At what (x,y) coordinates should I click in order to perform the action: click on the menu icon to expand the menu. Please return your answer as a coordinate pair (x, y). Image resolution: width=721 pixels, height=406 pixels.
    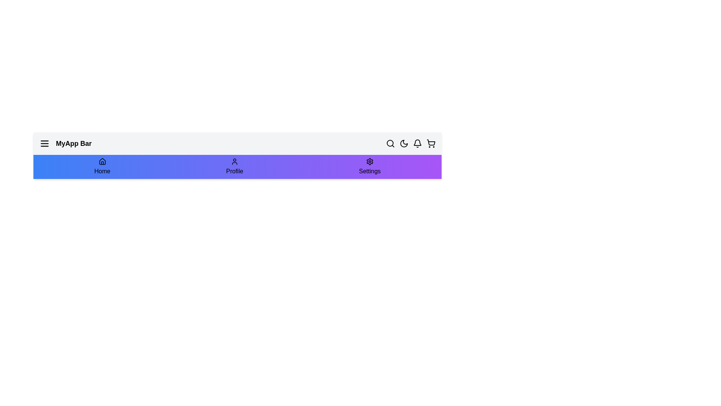
    Looking at the image, I should click on (44, 143).